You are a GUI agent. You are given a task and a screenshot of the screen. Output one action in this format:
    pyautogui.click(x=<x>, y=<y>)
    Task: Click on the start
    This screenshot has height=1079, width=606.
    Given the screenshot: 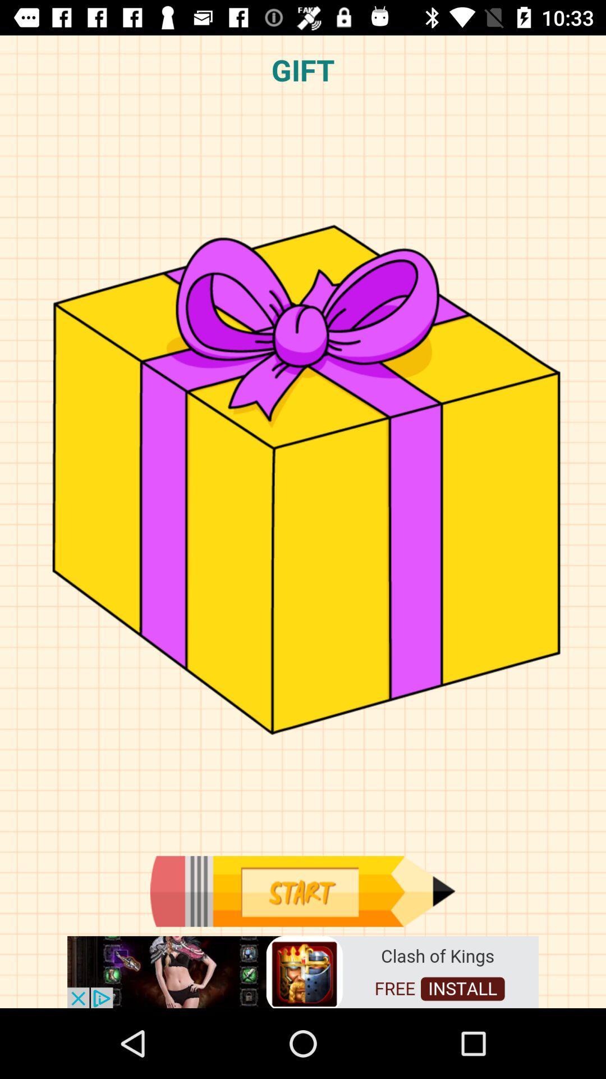 What is the action you would take?
    pyautogui.click(x=302, y=891)
    